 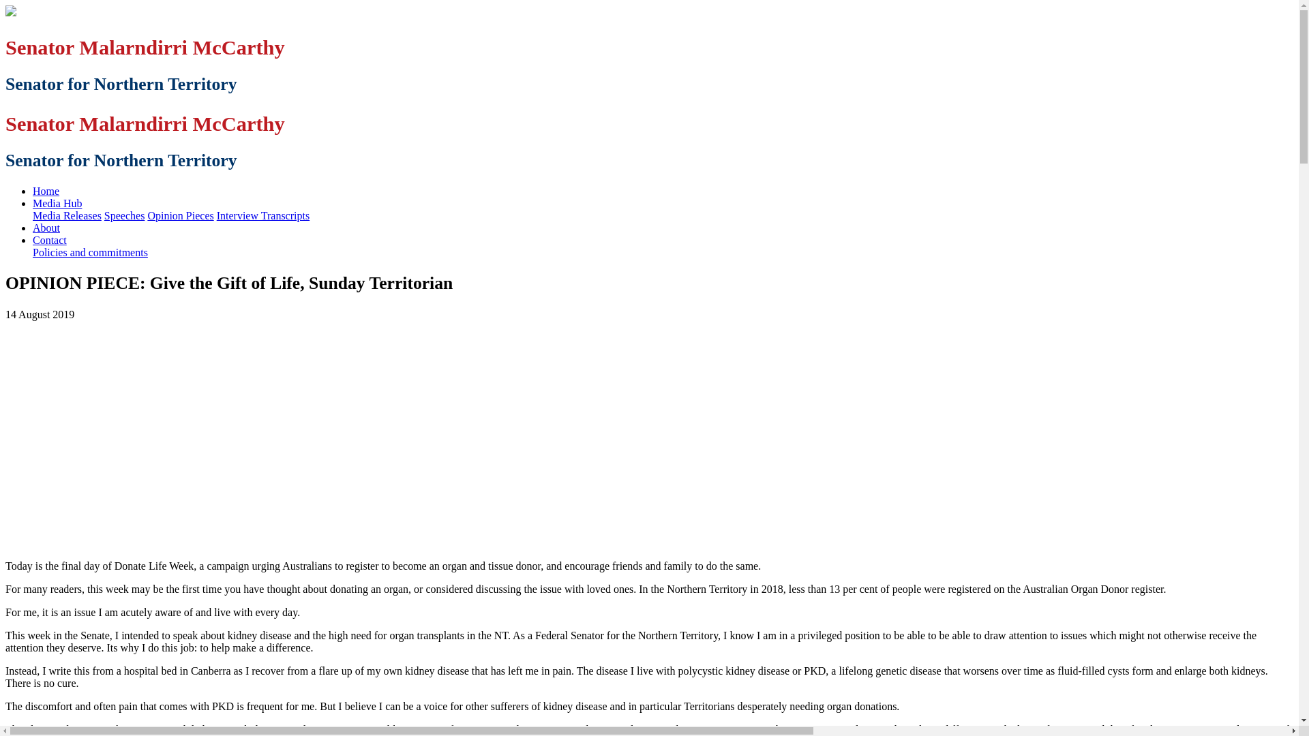 I want to click on 'Speeches', so click(x=124, y=215).